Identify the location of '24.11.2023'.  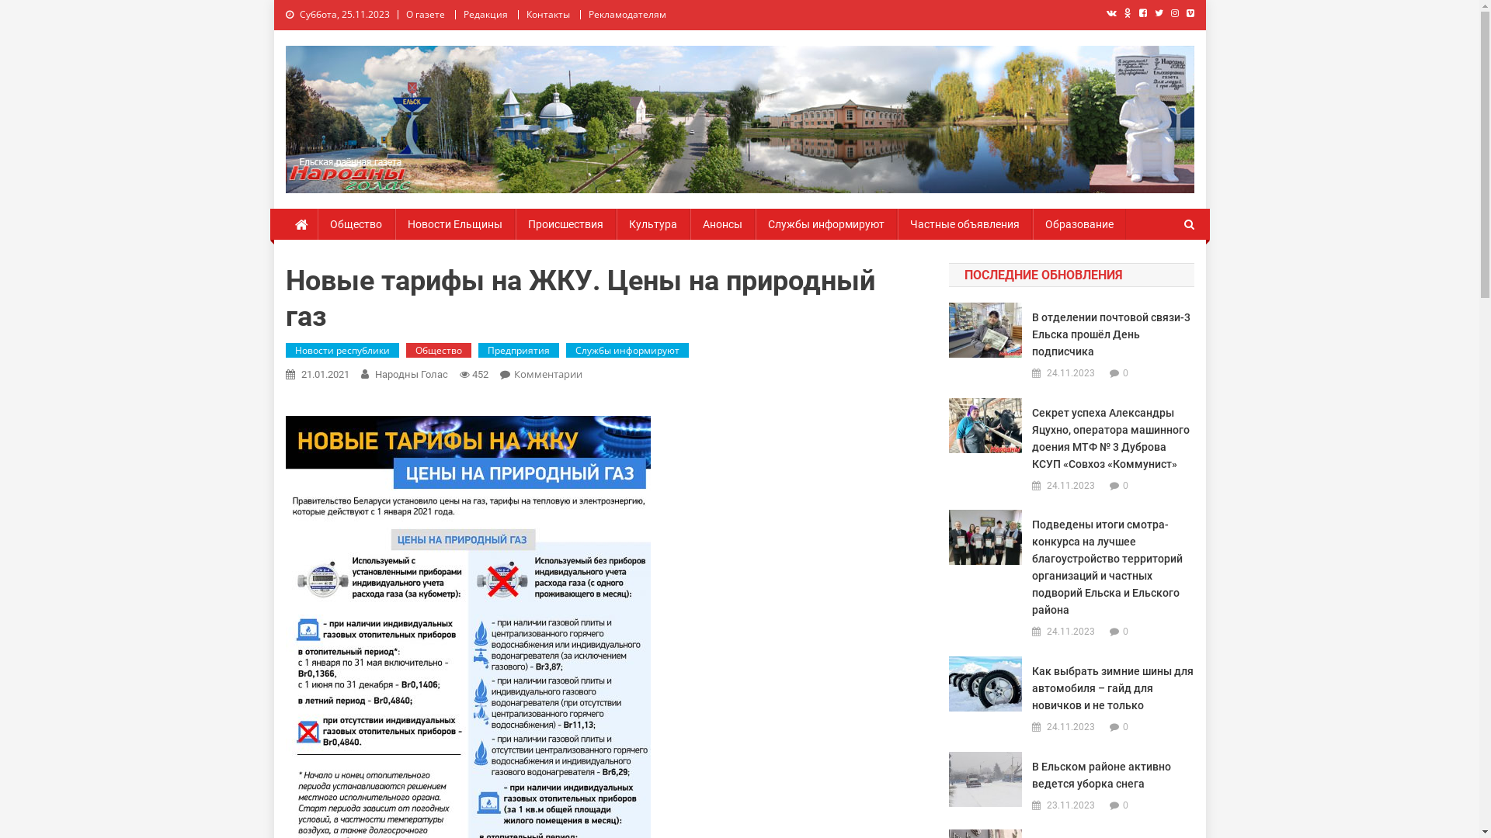
(1069, 727).